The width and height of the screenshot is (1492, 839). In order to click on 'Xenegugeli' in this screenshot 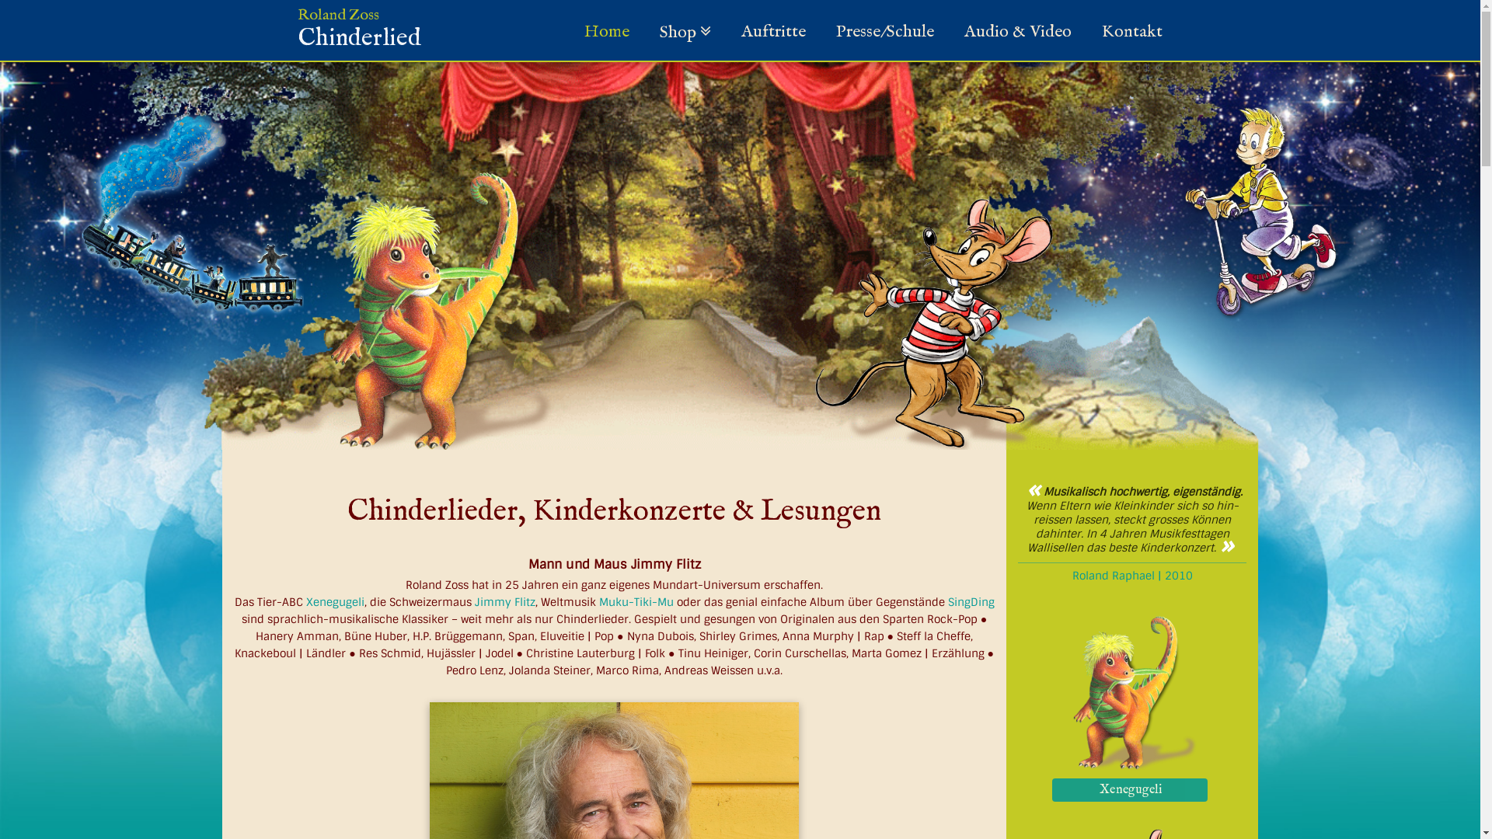, I will do `click(1051, 790)`.